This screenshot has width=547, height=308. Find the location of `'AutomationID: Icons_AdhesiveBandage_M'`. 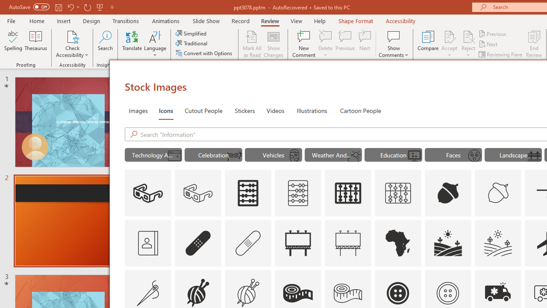

'AutomationID: Icons_AdhesiveBandage_M' is located at coordinates (248, 243).